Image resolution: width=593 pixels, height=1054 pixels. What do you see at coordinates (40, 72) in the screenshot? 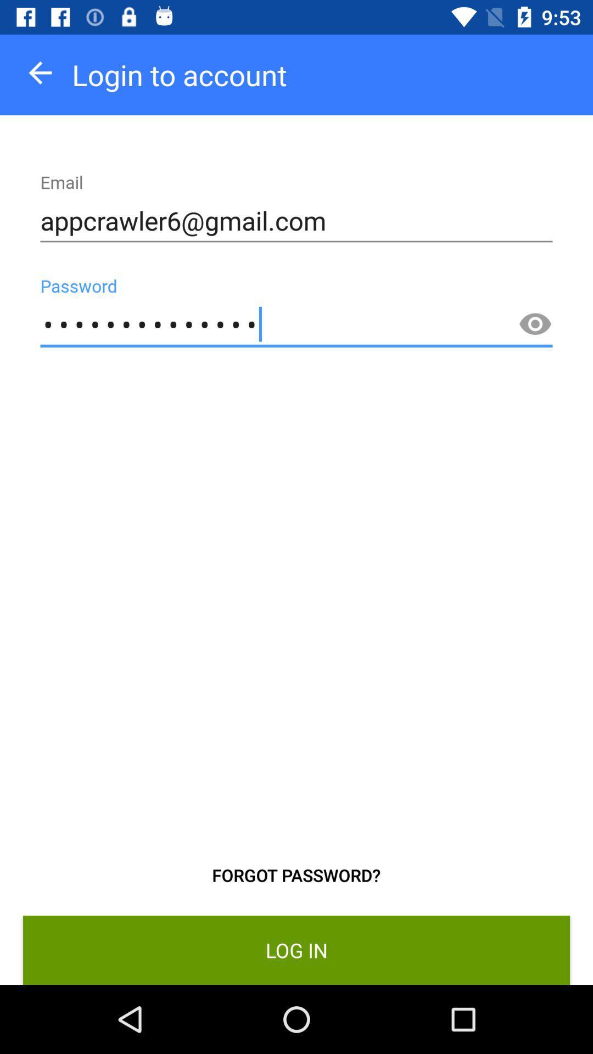
I see `icon next to login to account item` at bounding box center [40, 72].